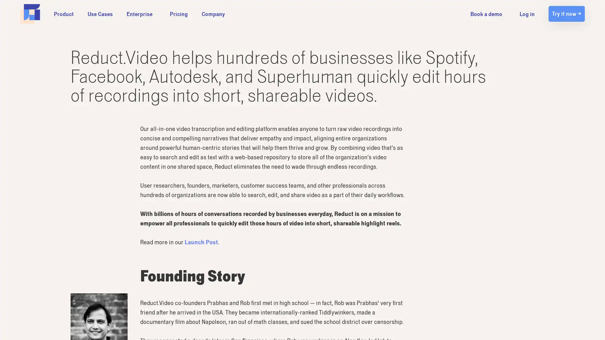  What do you see at coordinates (567, 14) in the screenshot?
I see `Try it now` at bounding box center [567, 14].